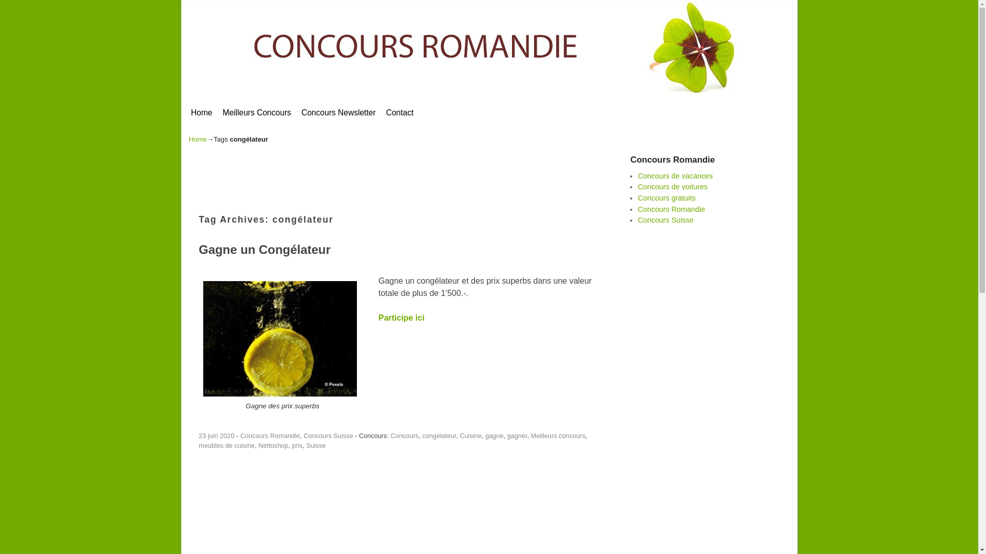  I want to click on 'meubles de cuisine', so click(226, 445).